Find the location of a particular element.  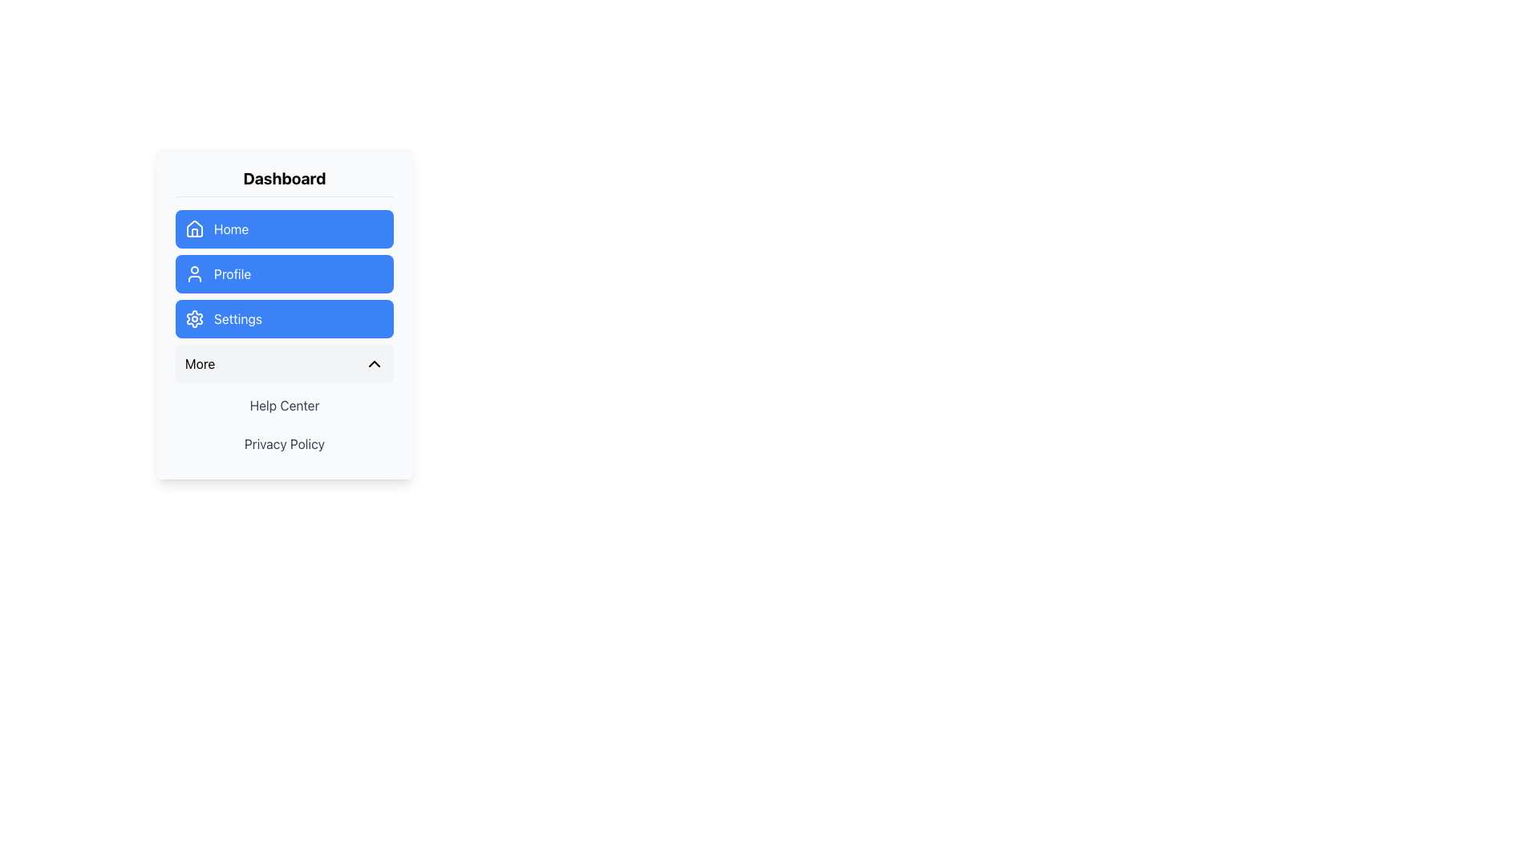

the Profile button icon located to the left of the Profile button in the vertical menu for navigation is located at coordinates (194, 273).